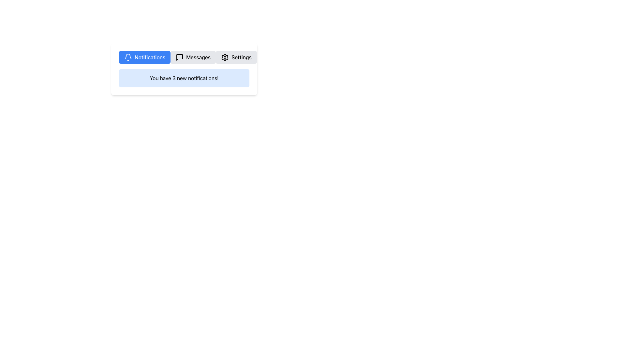 This screenshot has width=626, height=352. What do you see at coordinates (184, 78) in the screenshot?
I see `the informational text box that notifies the user about three new notifications, located below the 'Notifications', 'Messages', and 'Settings' buttons` at bounding box center [184, 78].